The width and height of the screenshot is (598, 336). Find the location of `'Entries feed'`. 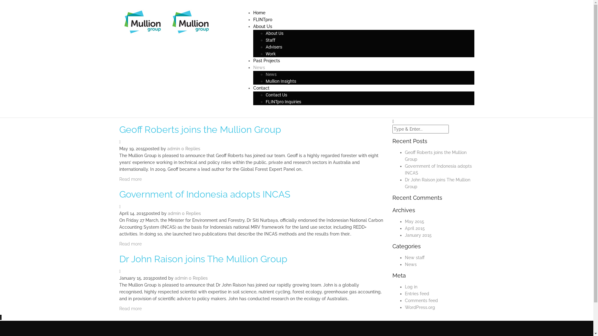

'Entries feed' is located at coordinates (417, 294).